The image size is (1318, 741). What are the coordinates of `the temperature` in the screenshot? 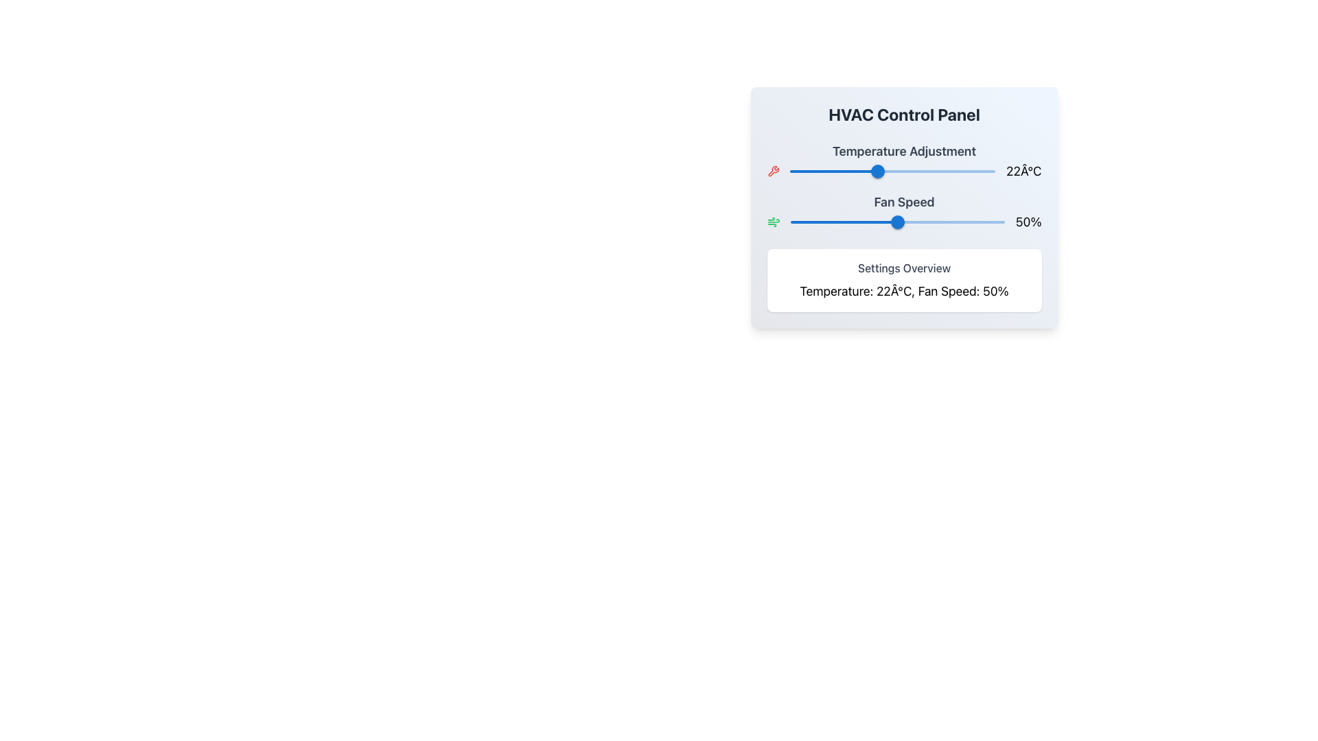 It's located at (862, 171).